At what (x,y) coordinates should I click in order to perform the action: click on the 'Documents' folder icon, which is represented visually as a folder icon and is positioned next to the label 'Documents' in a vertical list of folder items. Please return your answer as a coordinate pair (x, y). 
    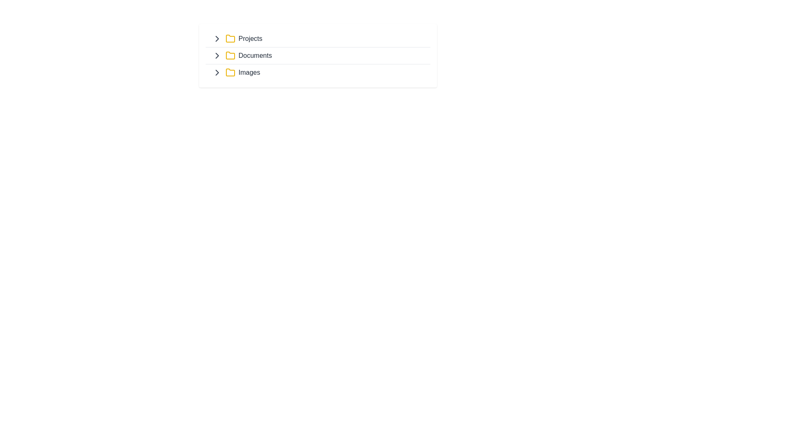
    Looking at the image, I should click on (230, 55).